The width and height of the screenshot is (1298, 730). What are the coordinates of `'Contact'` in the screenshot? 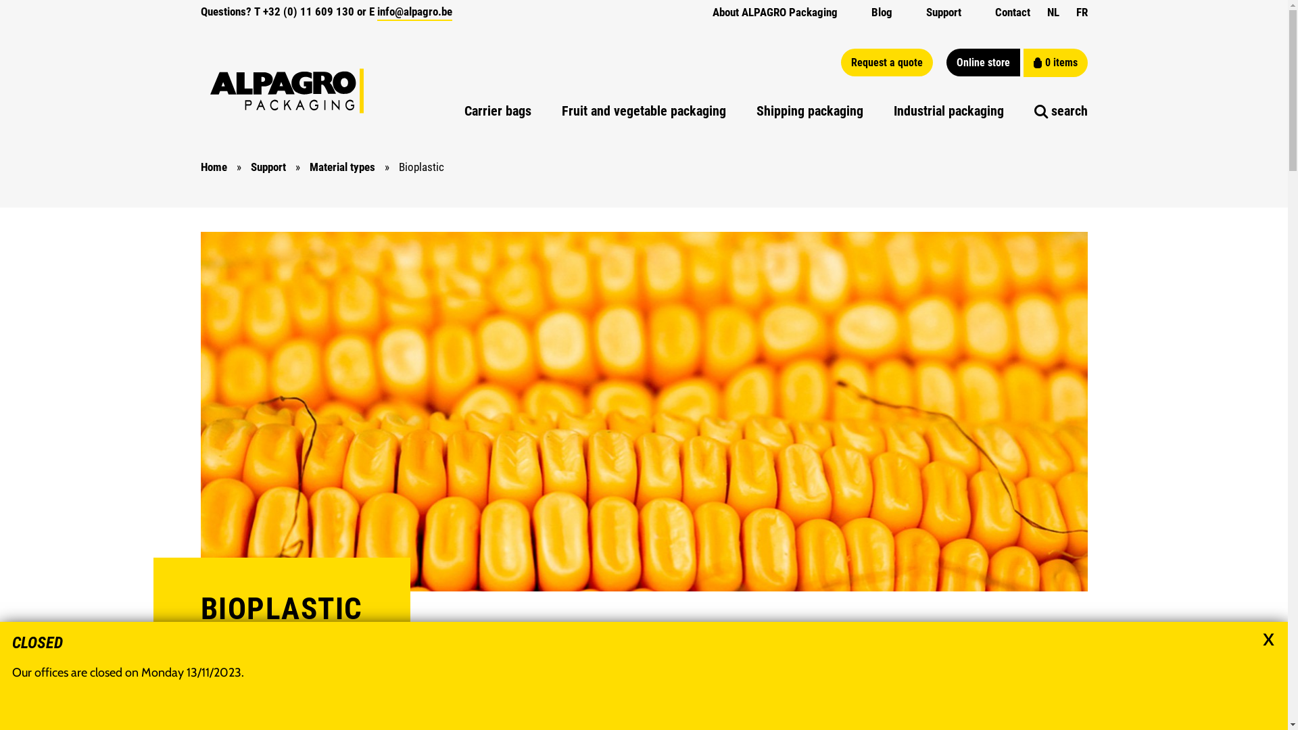 It's located at (995, 12).